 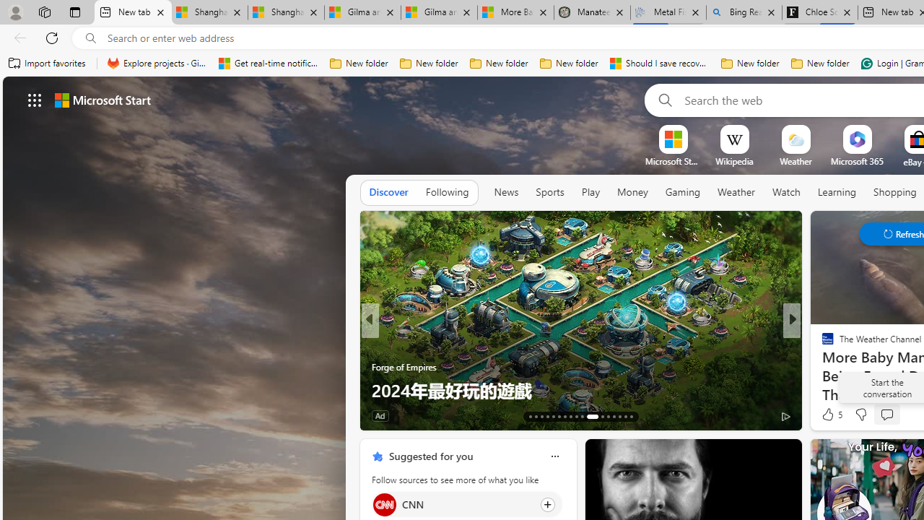 I want to click on 'AutomationID: tab-17', so click(x=552, y=417).